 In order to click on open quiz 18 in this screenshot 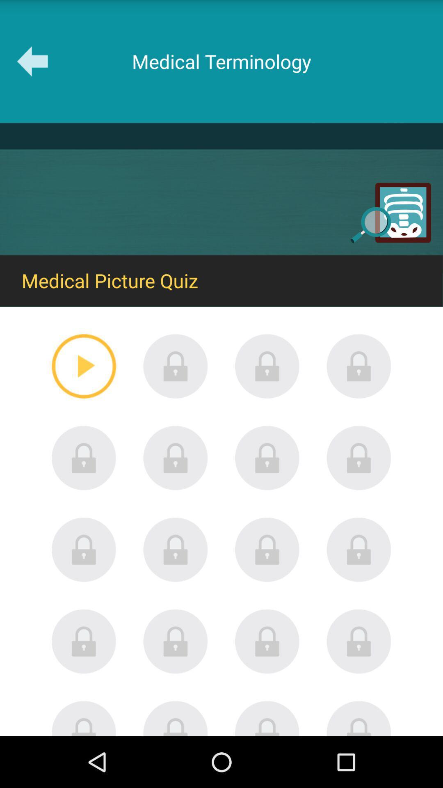, I will do `click(175, 718)`.